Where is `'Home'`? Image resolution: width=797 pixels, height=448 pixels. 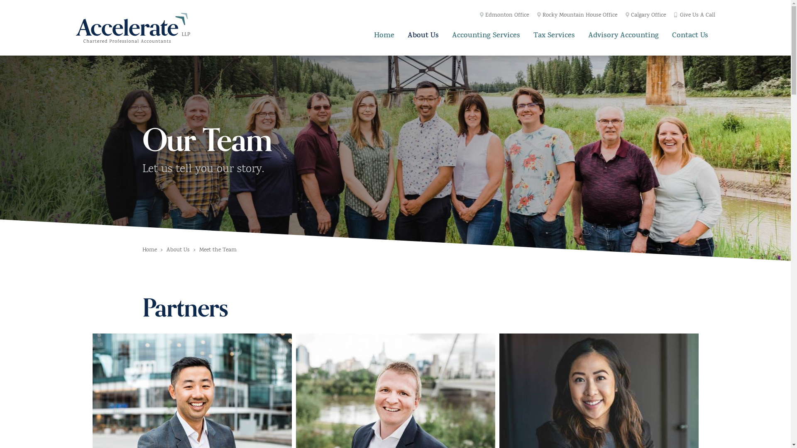 'Home' is located at coordinates (384, 34).